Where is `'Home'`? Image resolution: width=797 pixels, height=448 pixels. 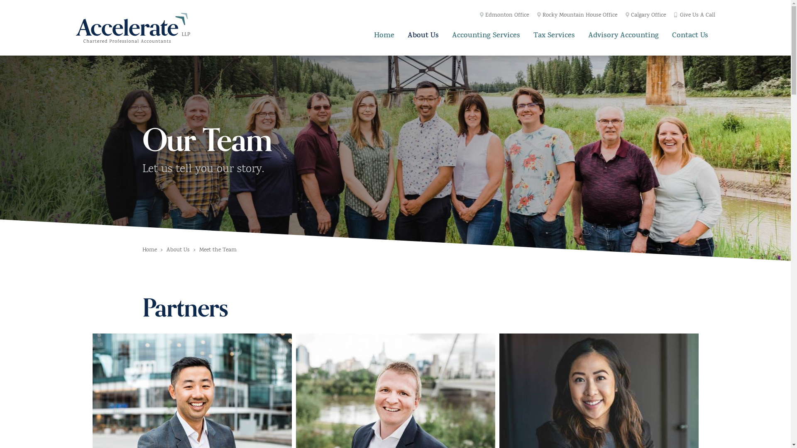 'Home' is located at coordinates (384, 34).